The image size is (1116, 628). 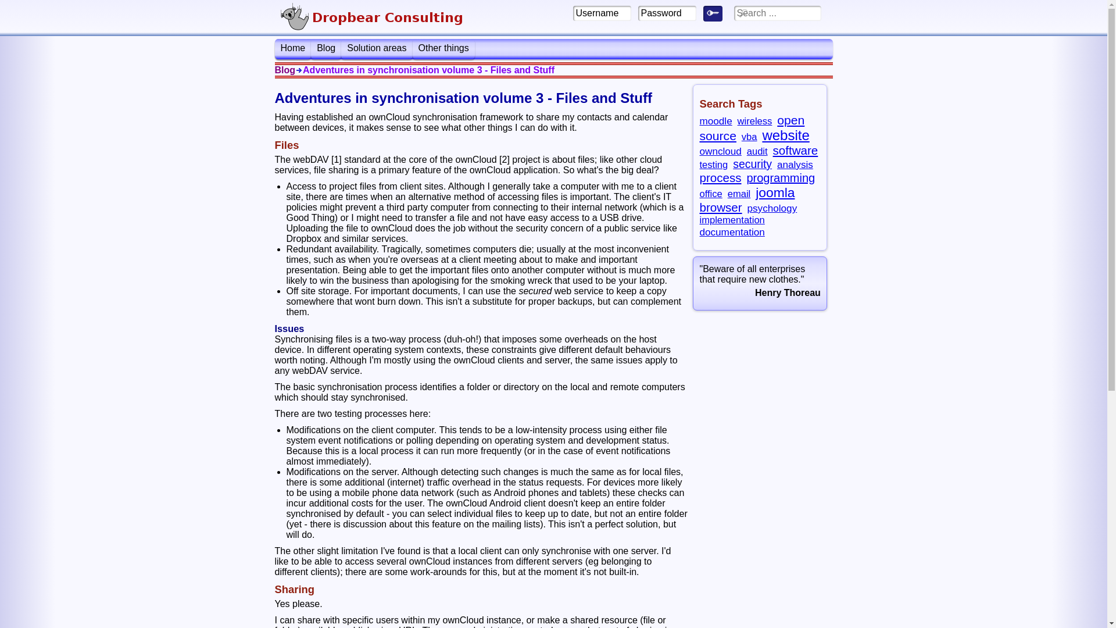 I want to click on 'email', so click(x=739, y=193).